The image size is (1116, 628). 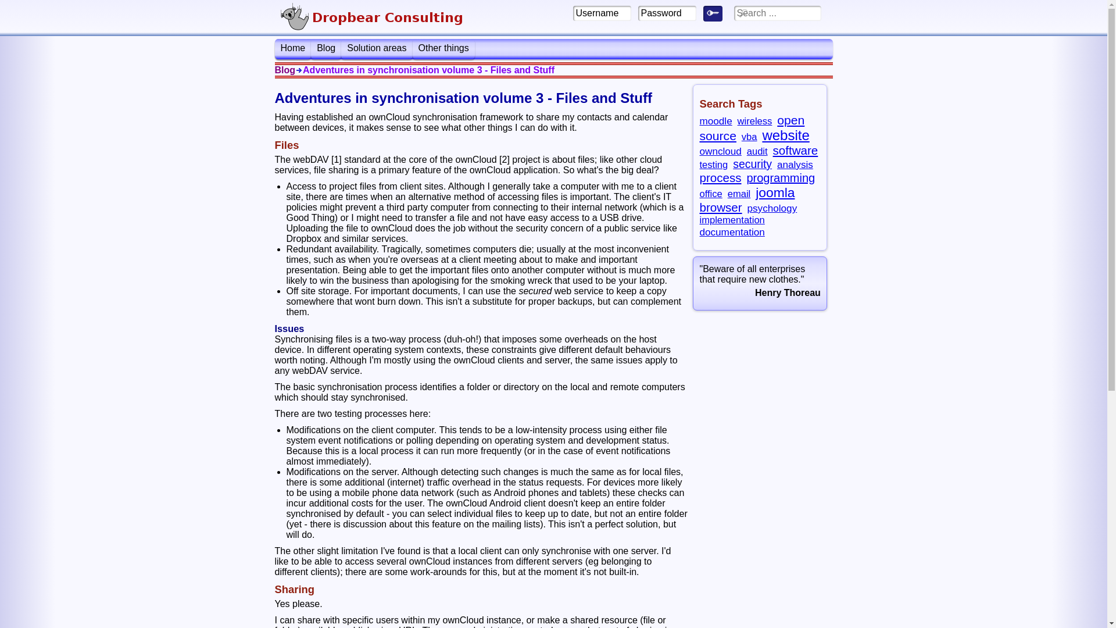 I want to click on 'email', so click(x=739, y=193).